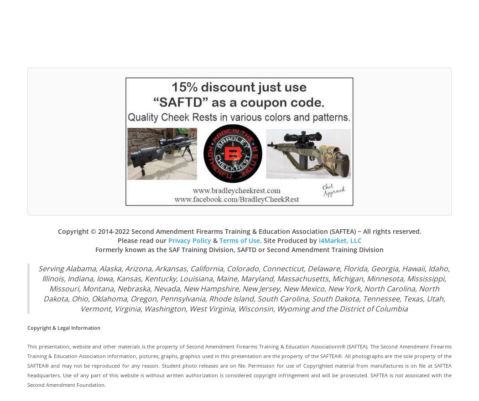 The image size is (479, 401). Describe the element at coordinates (239, 231) in the screenshot. I see `'Copyright © 2014-2022 Second Amendment Firearms Training & Education Association (SAFTEA) ~ All rights reserved.'` at that location.